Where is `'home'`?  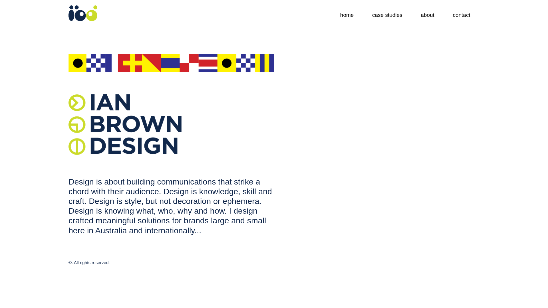
'home' is located at coordinates (346, 15).